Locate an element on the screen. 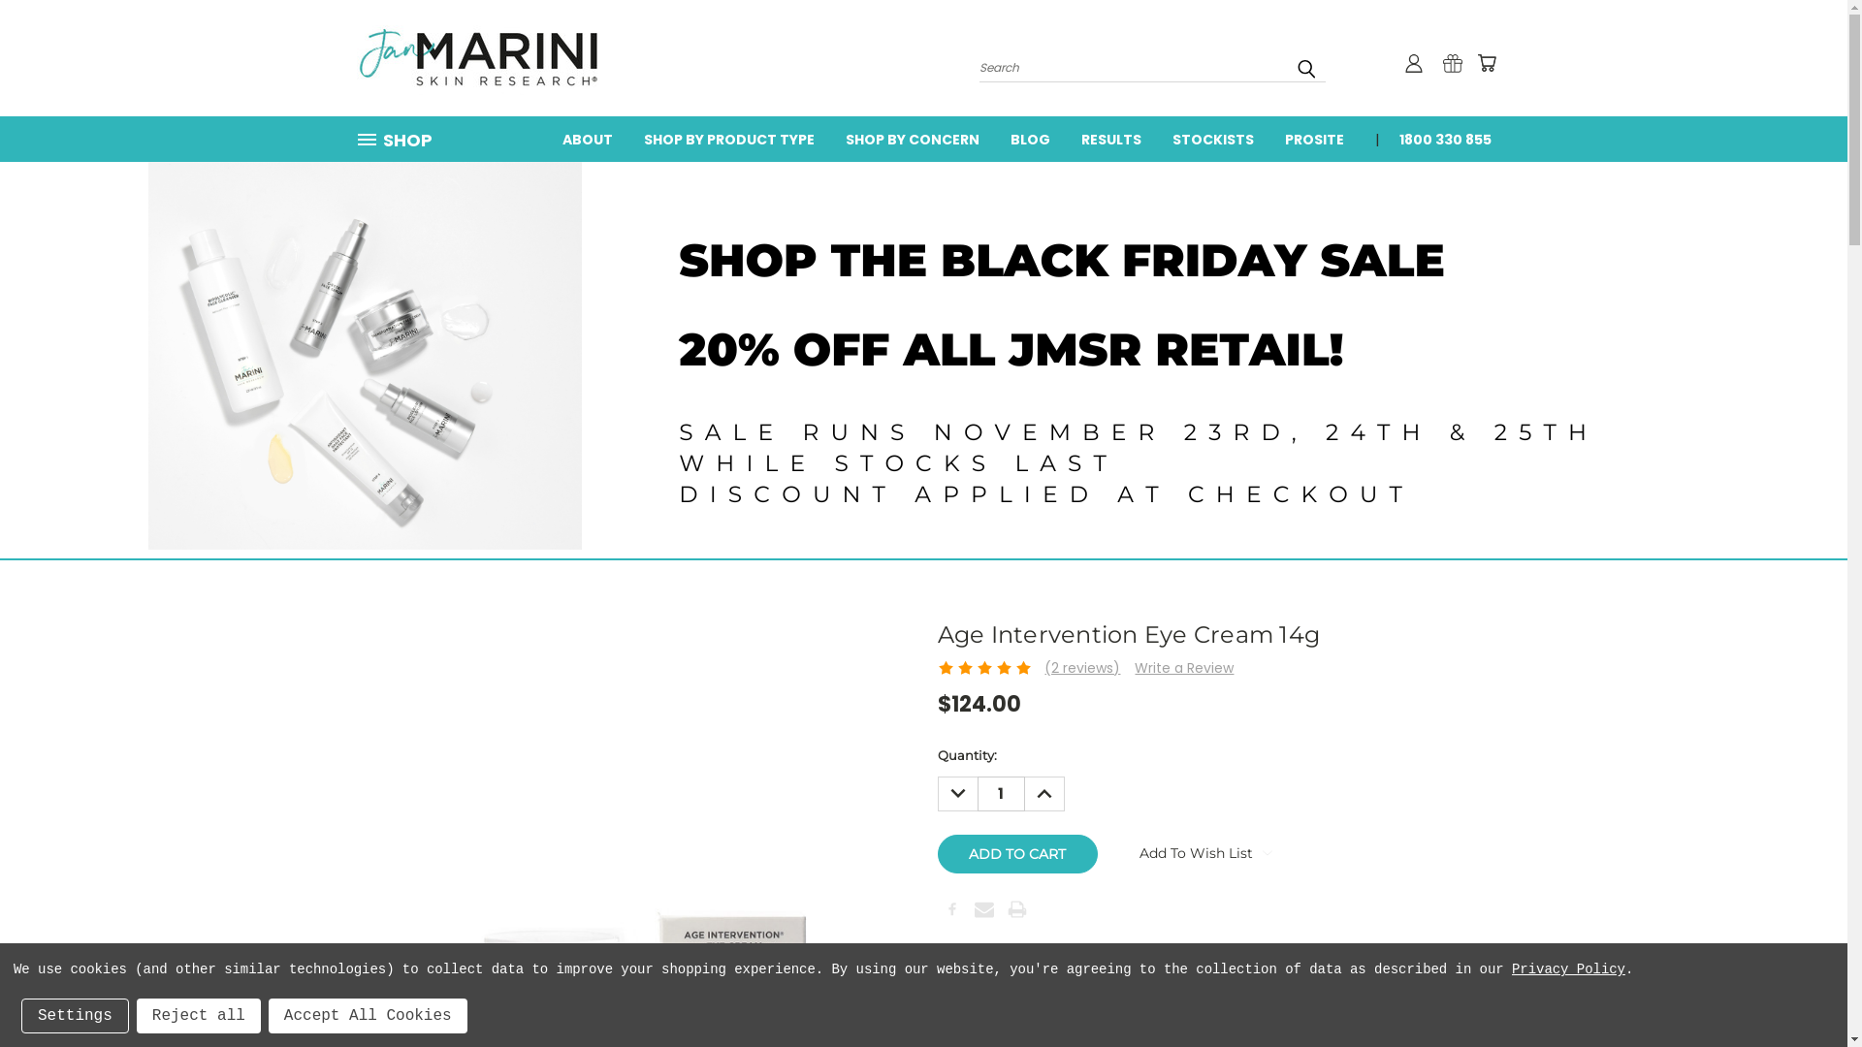 This screenshot has height=1047, width=1862. 'Accept All Cookies' is located at coordinates (368, 1015).